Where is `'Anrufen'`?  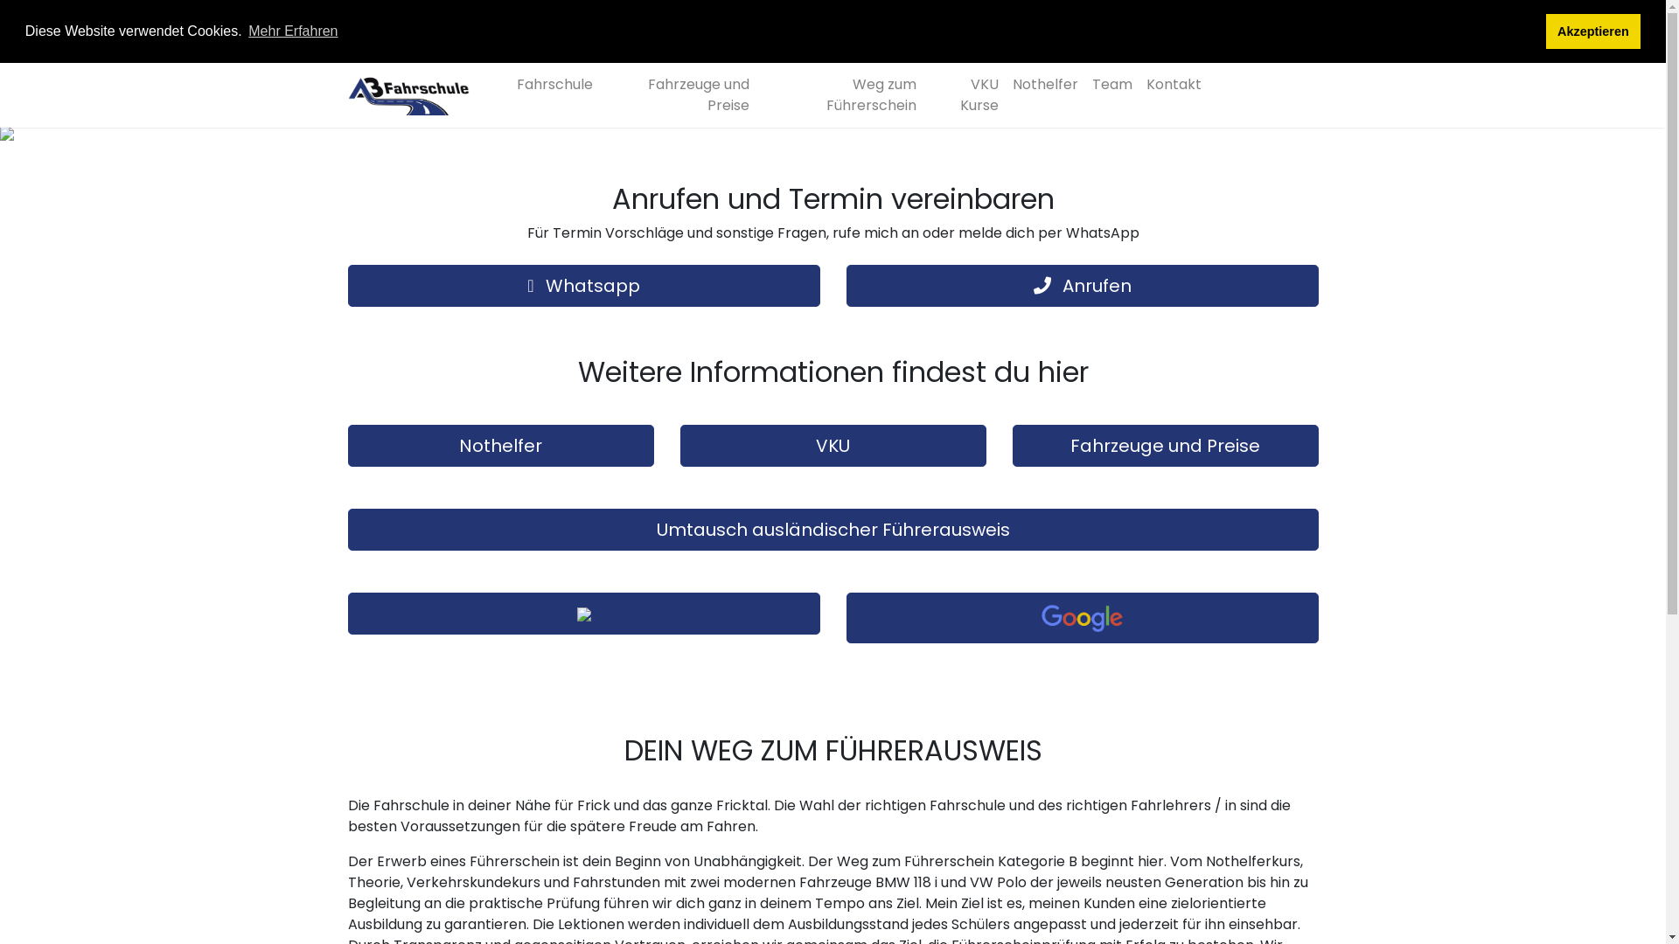
'Anrufen' is located at coordinates (1082, 285).